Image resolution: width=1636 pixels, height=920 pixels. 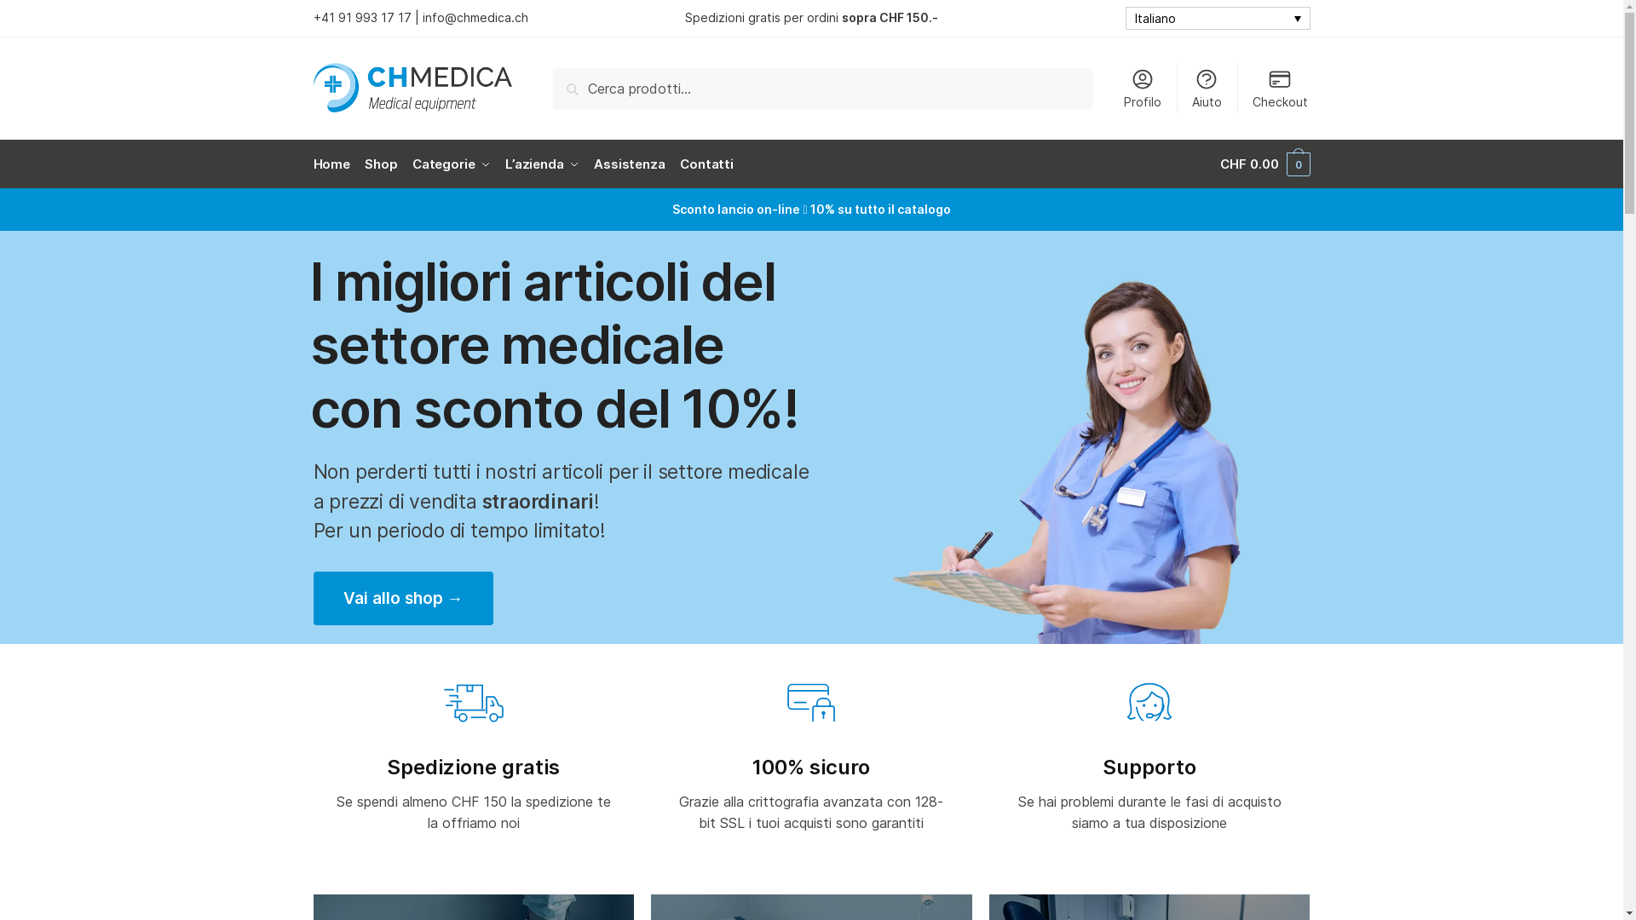 I want to click on 'Assistenza', so click(x=587, y=164).